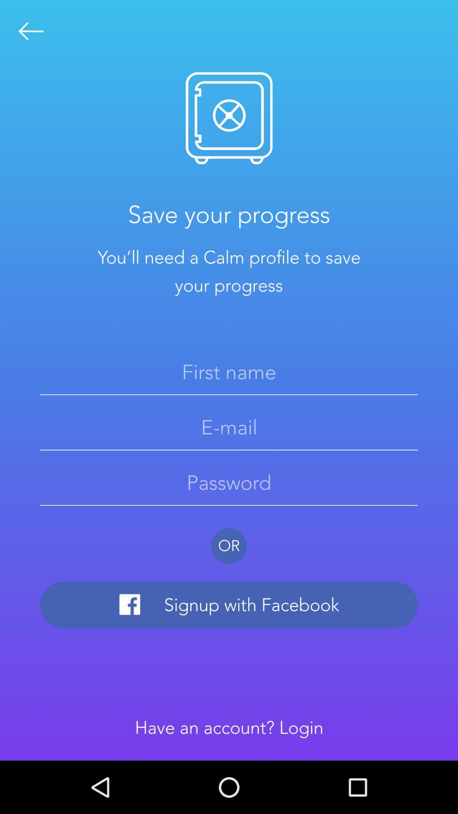 Image resolution: width=458 pixels, height=814 pixels. What do you see at coordinates (229, 427) in the screenshot?
I see `e-mail line` at bounding box center [229, 427].